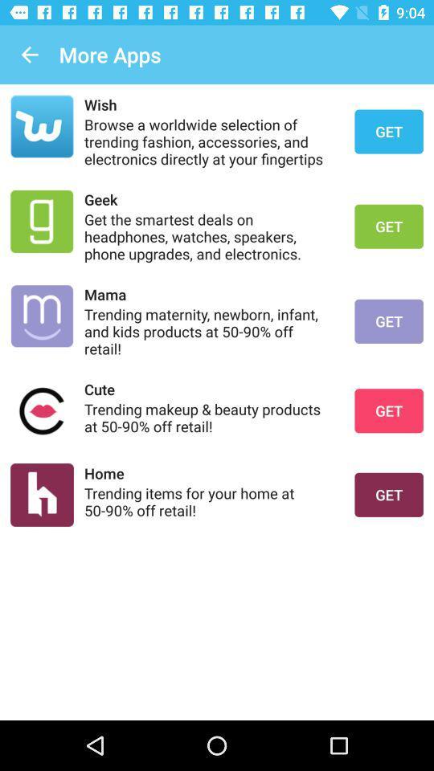  Describe the element at coordinates (209, 500) in the screenshot. I see `trending items for item` at that location.